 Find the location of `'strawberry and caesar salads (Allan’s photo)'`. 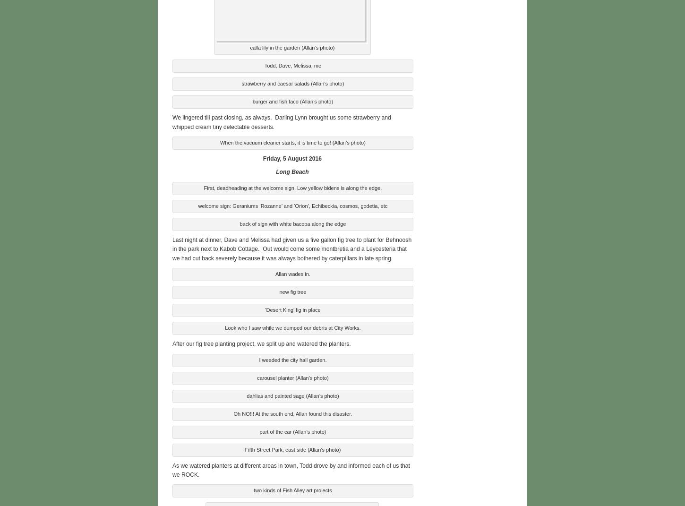

'strawberry and caesar salads (Allan’s photo)' is located at coordinates (241, 82).